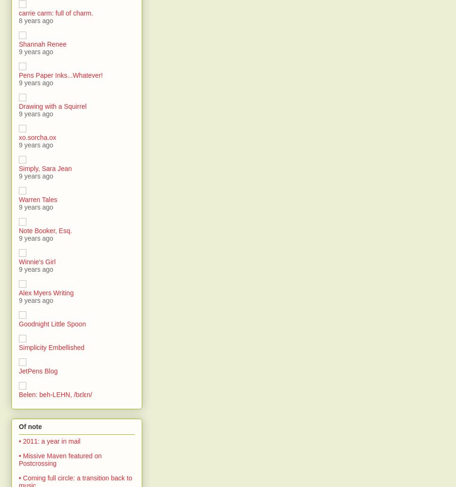  Describe the element at coordinates (18, 136) in the screenshot. I see `'xo.sorcha.ox'` at that location.